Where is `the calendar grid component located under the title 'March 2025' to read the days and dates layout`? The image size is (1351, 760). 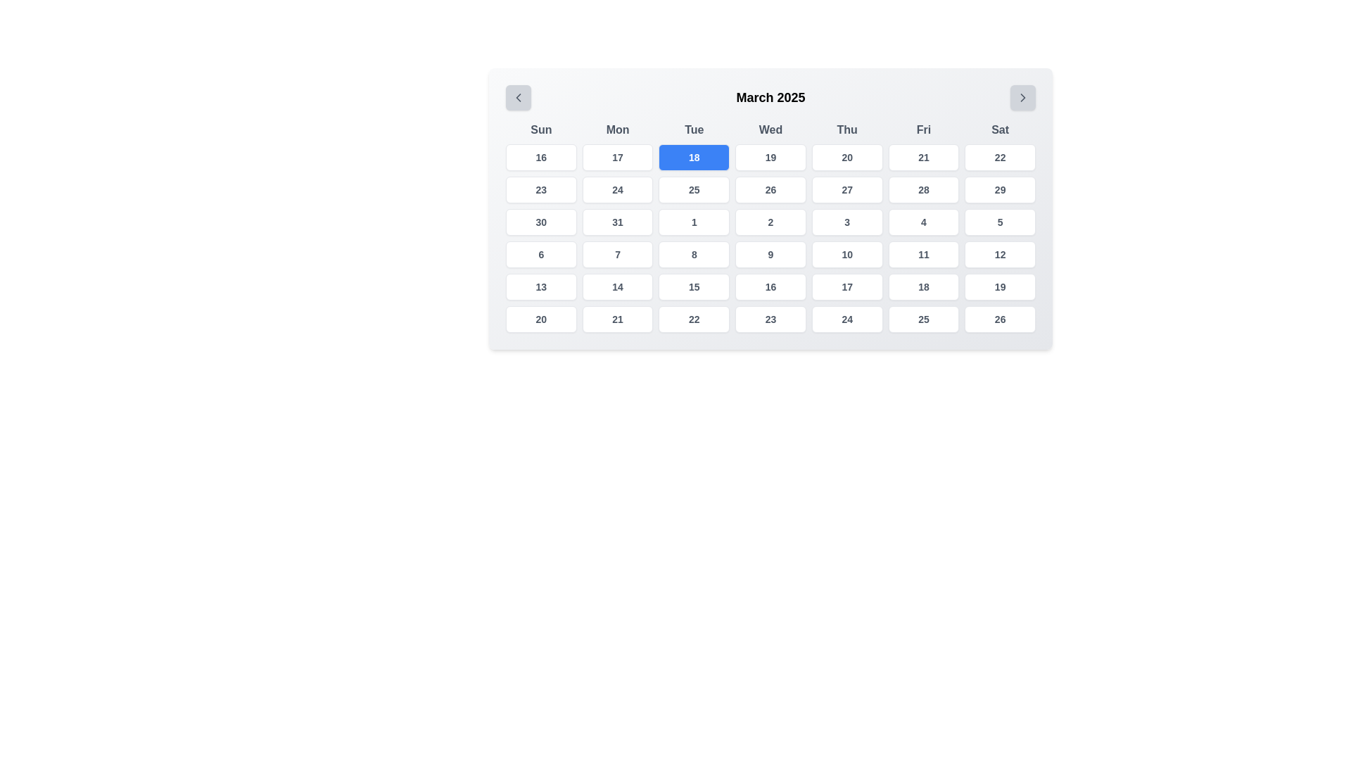
the calendar grid component located under the title 'March 2025' to read the days and dates layout is located at coordinates (770, 227).